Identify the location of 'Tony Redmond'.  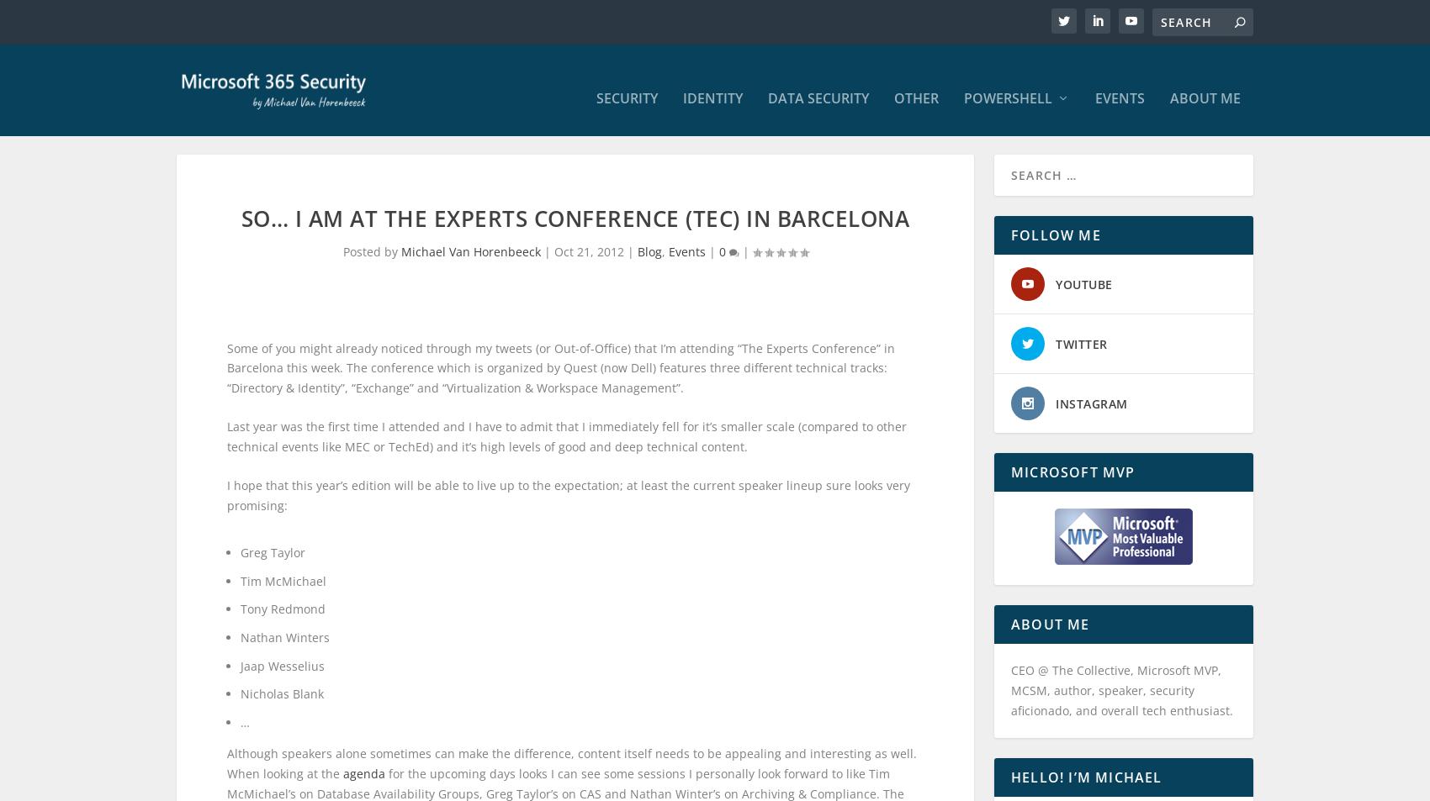
(282, 624).